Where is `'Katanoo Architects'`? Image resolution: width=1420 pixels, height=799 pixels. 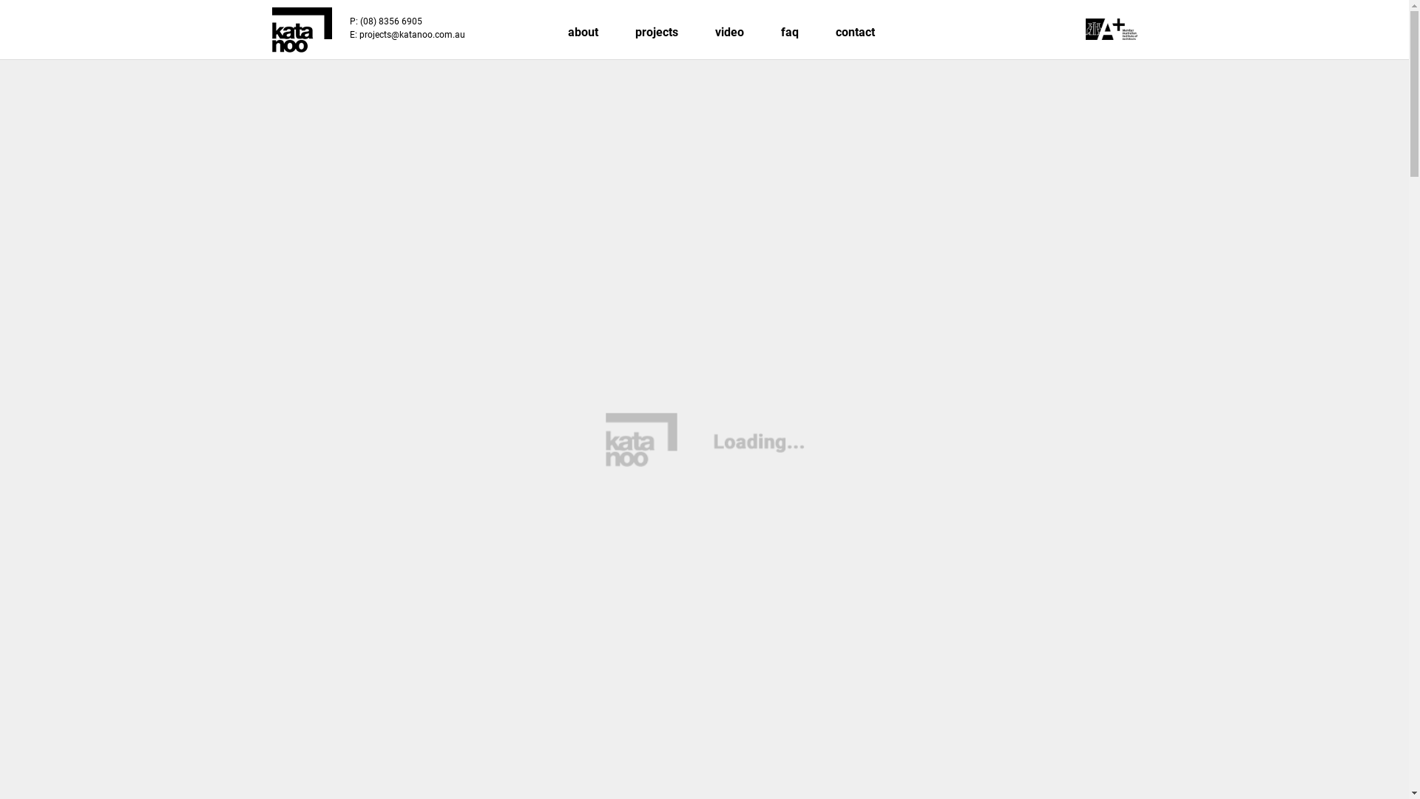 'Katanoo Architects' is located at coordinates (301, 30).